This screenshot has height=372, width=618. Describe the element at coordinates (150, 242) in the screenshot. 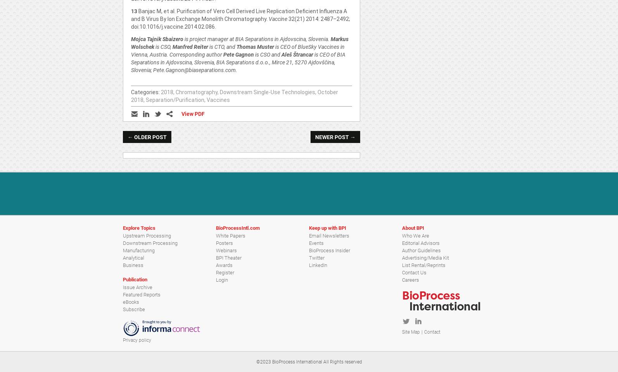

I see `'Downstream Processing'` at that location.